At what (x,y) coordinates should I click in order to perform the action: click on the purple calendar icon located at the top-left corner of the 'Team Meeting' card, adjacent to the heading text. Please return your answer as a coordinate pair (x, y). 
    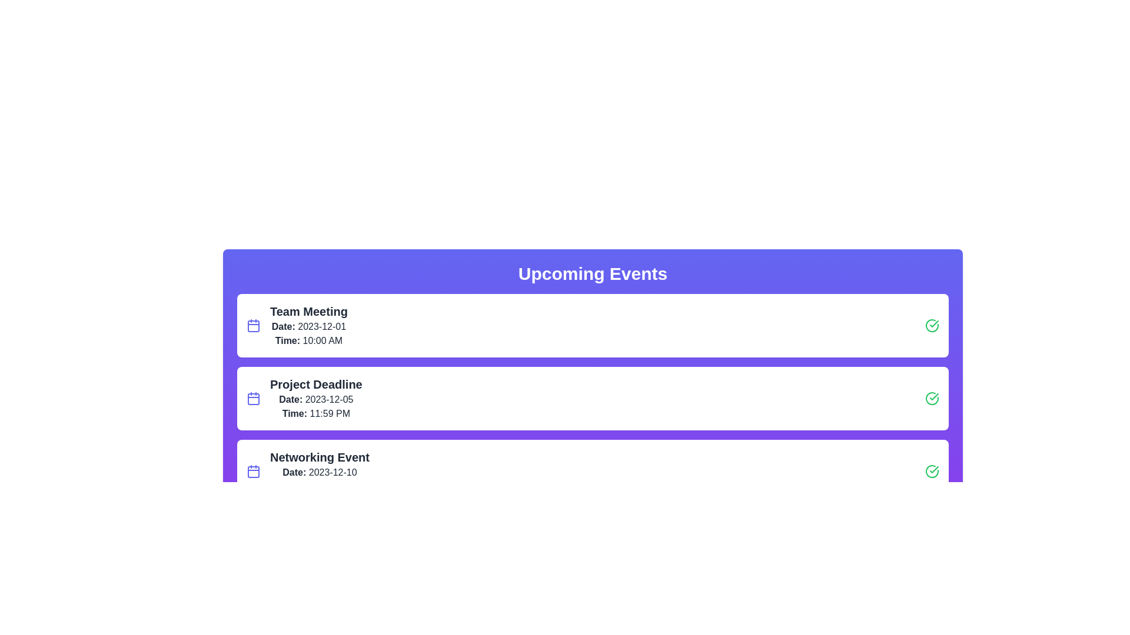
    Looking at the image, I should click on (253, 326).